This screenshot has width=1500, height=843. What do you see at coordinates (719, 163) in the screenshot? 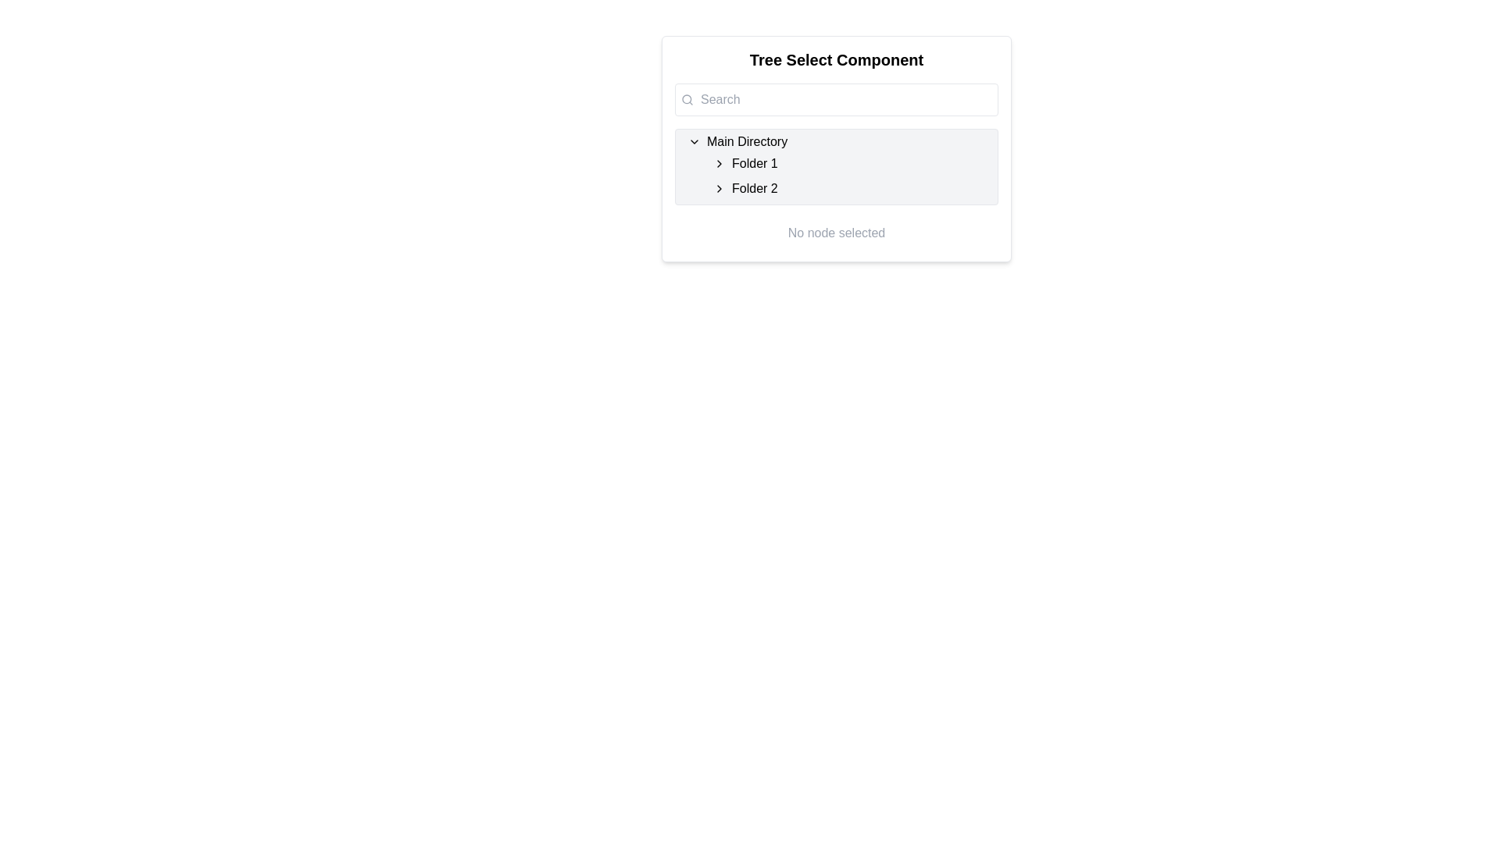
I see `the Chevron icon toggle button for 'Folder 1'` at bounding box center [719, 163].